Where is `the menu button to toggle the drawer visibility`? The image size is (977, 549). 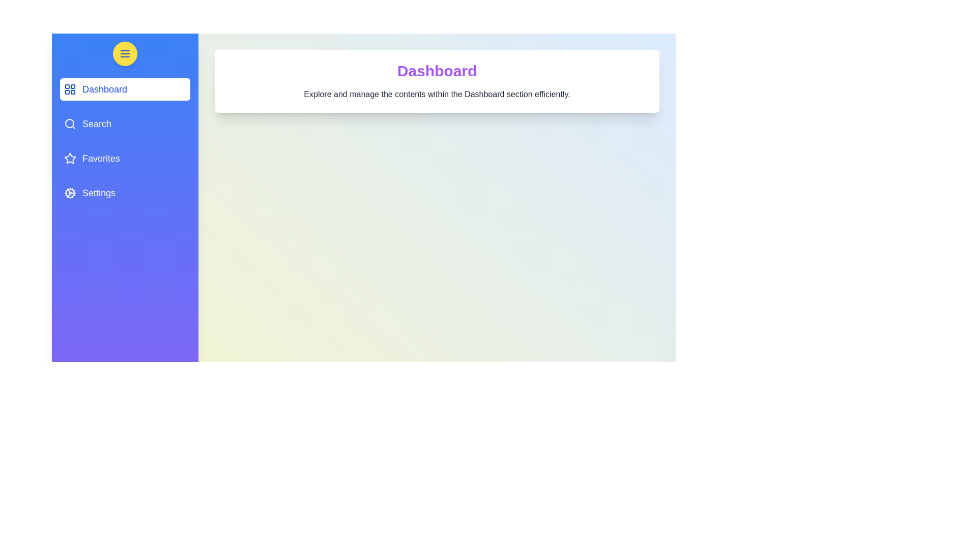 the menu button to toggle the drawer visibility is located at coordinates (124, 53).